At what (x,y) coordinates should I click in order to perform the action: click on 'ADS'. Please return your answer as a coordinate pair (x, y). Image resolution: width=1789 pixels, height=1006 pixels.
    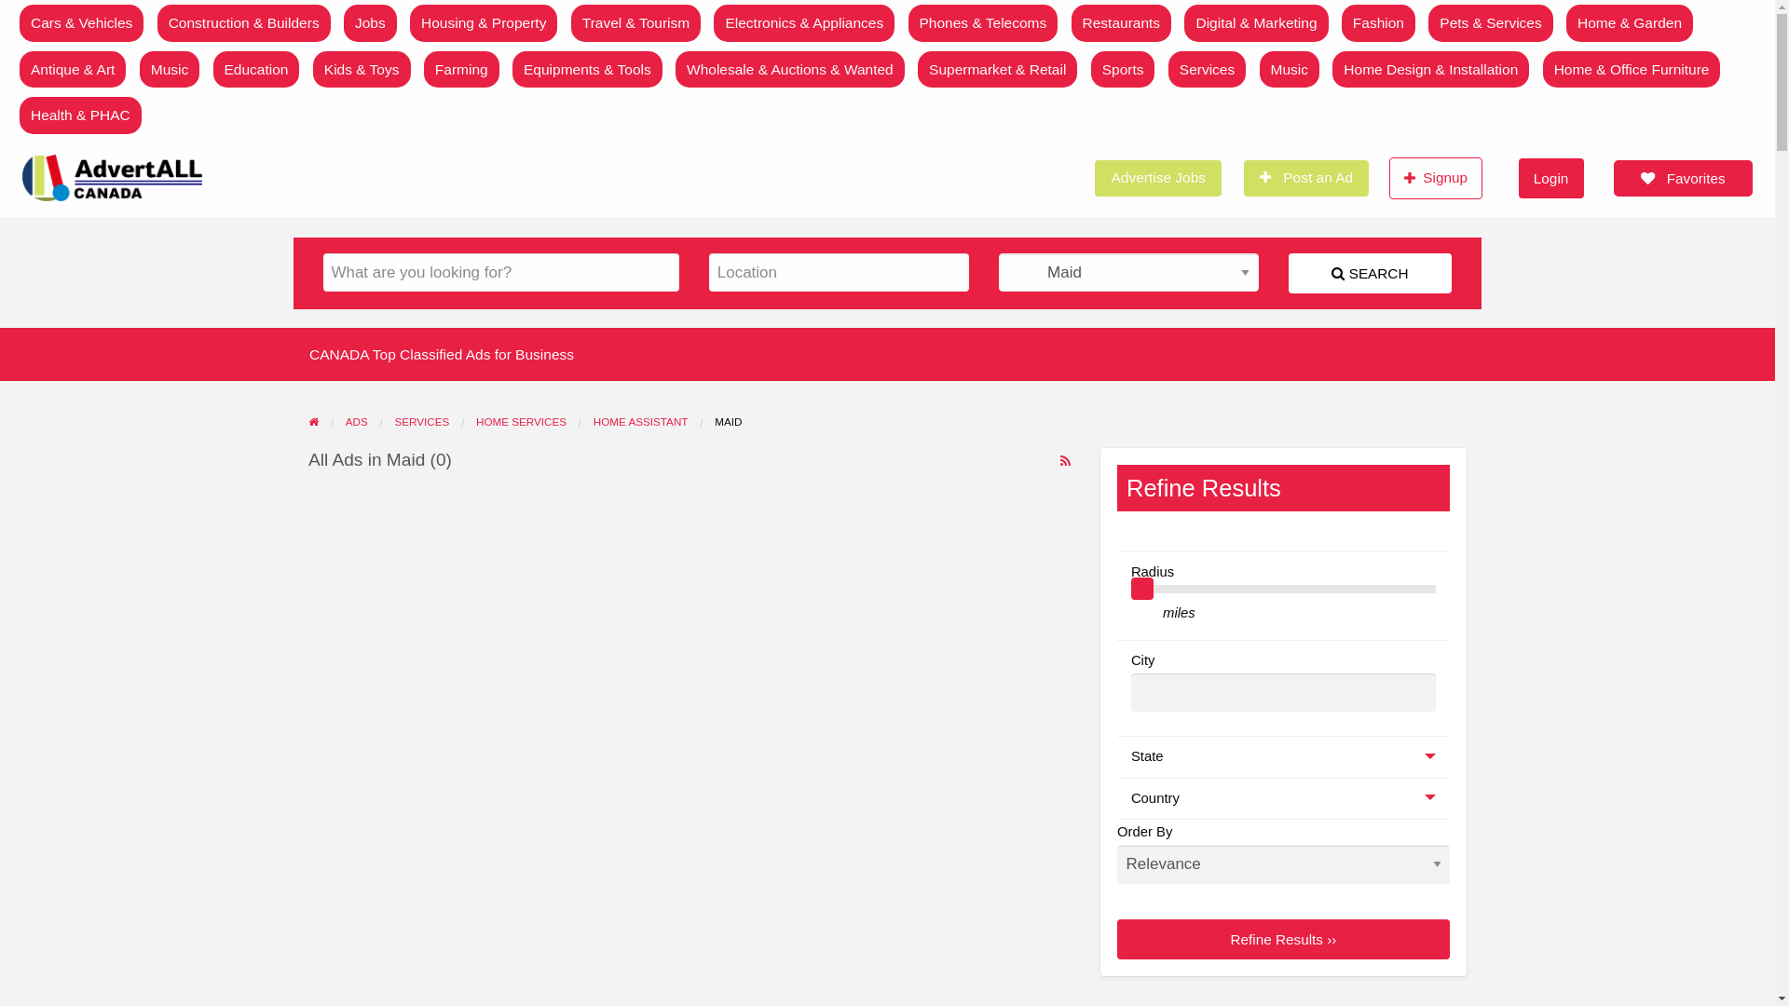
    Looking at the image, I should click on (357, 421).